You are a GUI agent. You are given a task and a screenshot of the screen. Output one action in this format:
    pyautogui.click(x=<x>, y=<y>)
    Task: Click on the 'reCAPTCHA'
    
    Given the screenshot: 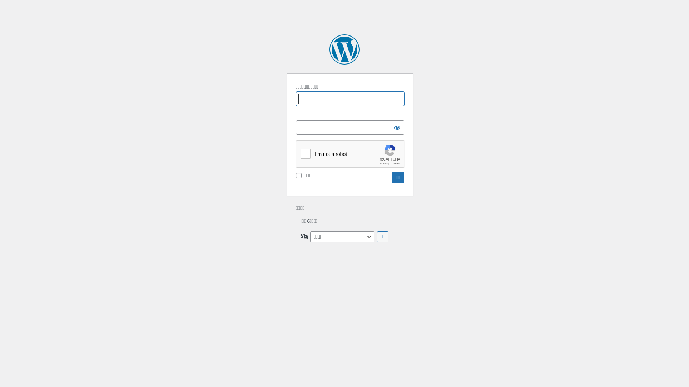 What is the action you would take?
    pyautogui.click(x=351, y=154)
    